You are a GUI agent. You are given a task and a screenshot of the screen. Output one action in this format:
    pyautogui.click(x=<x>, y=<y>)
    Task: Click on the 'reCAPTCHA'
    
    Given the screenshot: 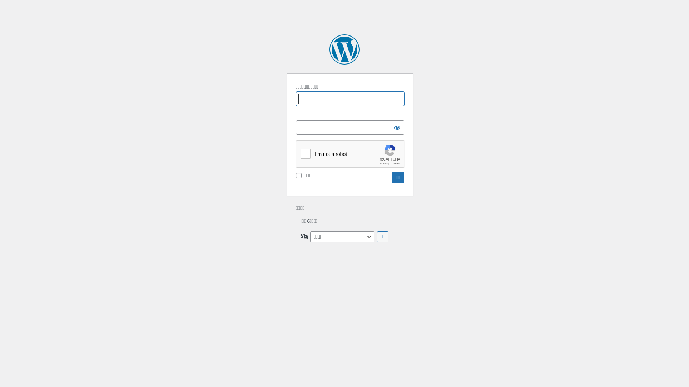 What is the action you would take?
    pyautogui.click(x=351, y=154)
    